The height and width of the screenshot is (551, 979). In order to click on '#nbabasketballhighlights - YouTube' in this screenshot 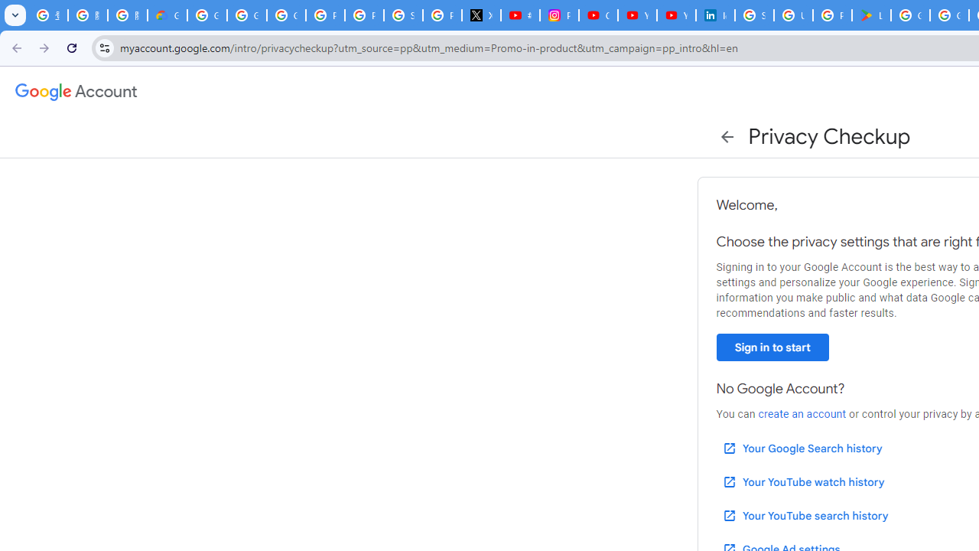, I will do `click(520, 15)`.